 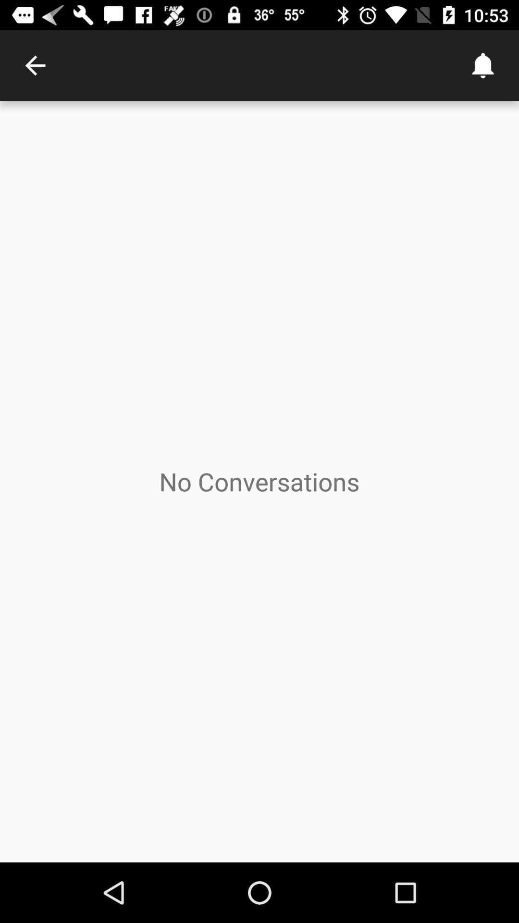 What do you see at coordinates (35, 65) in the screenshot?
I see `the item above the no conversations` at bounding box center [35, 65].